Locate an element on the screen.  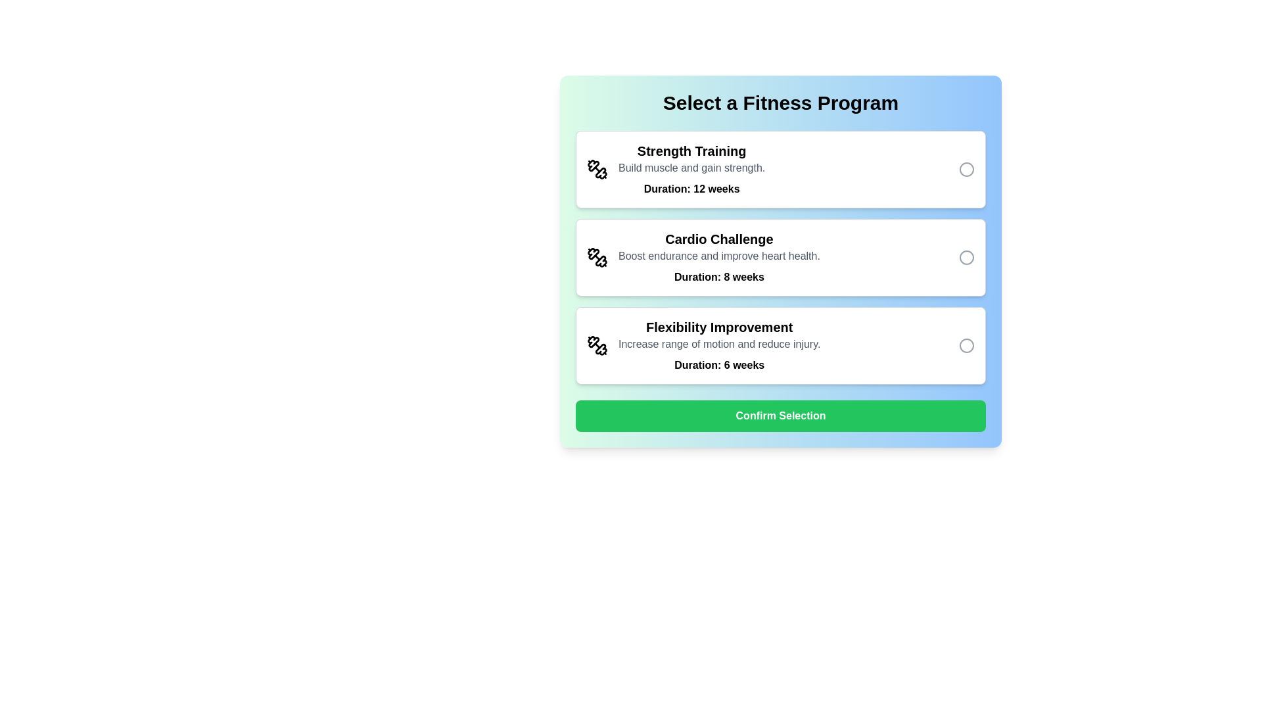
the text label for the third fitness program option, located between 'Cardio Challenge' and its associated information text is located at coordinates (718, 326).